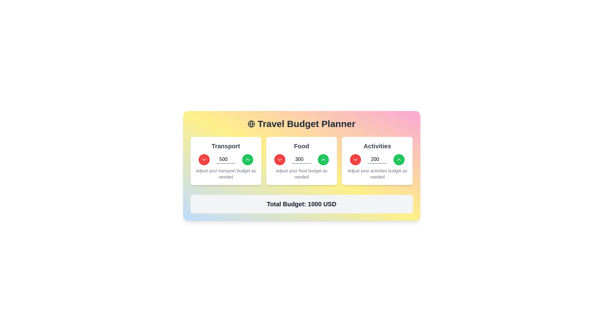 The height and width of the screenshot is (333, 593). What do you see at coordinates (301, 124) in the screenshot?
I see `the Text and Icon Label at the top-center of the panel, which serves as the title of the travel budget planner application` at bounding box center [301, 124].